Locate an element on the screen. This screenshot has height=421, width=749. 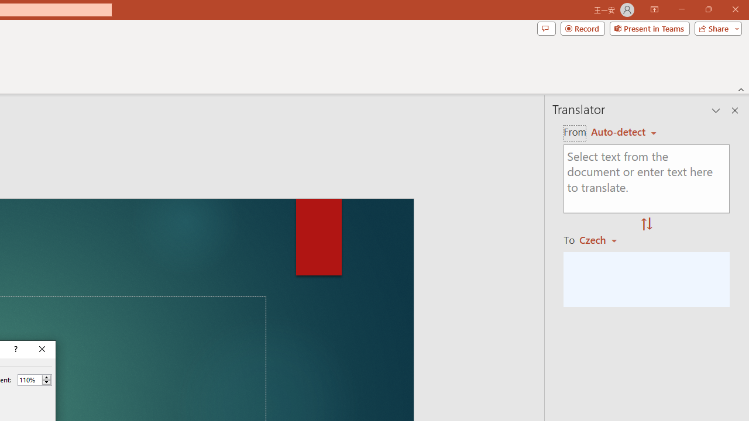
'Swap "from" and "to" languages.' is located at coordinates (646, 225).